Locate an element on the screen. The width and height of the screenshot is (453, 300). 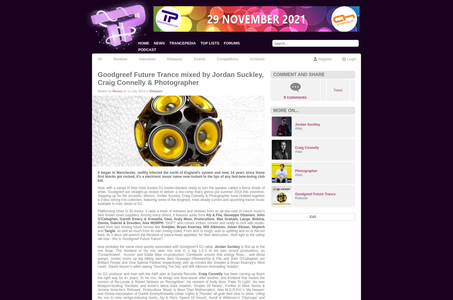
'Aly & Fila, Giuseppe Ottaviani, John O’Callaghan, Gareth Emery & Krewella, Gaia, Andy Moor, Protoculture. Max Graham, Lange, Bobina, Omnia, Gabriel & Dresden, Alex MORPH' is located at coordinates (181, 219).